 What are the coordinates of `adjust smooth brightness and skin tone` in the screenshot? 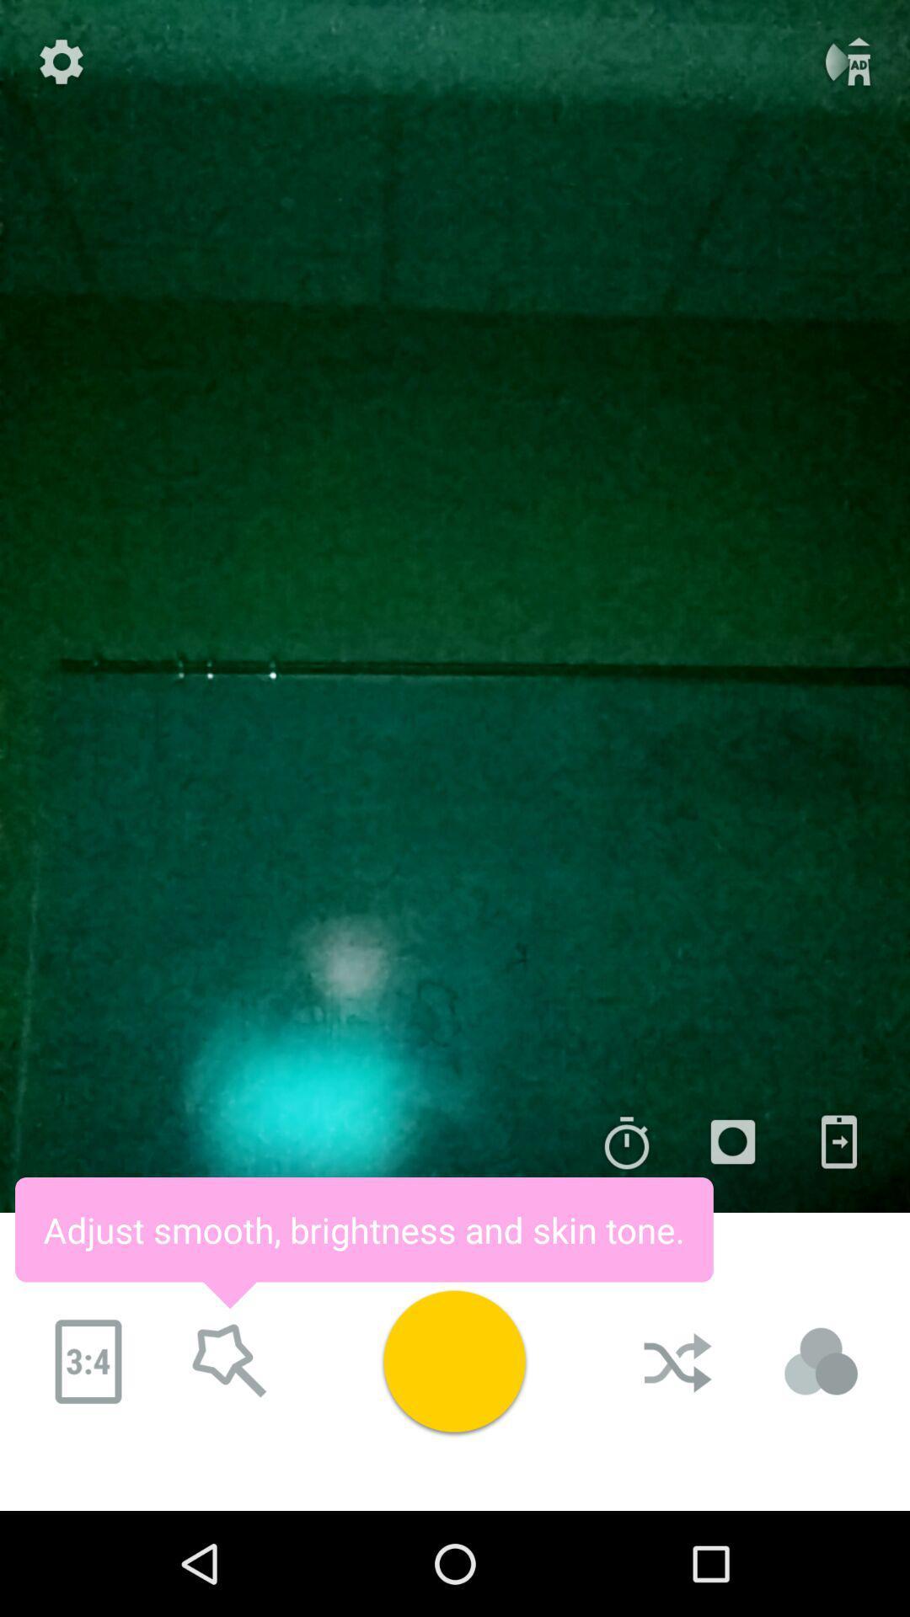 It's located at (230, 1362).